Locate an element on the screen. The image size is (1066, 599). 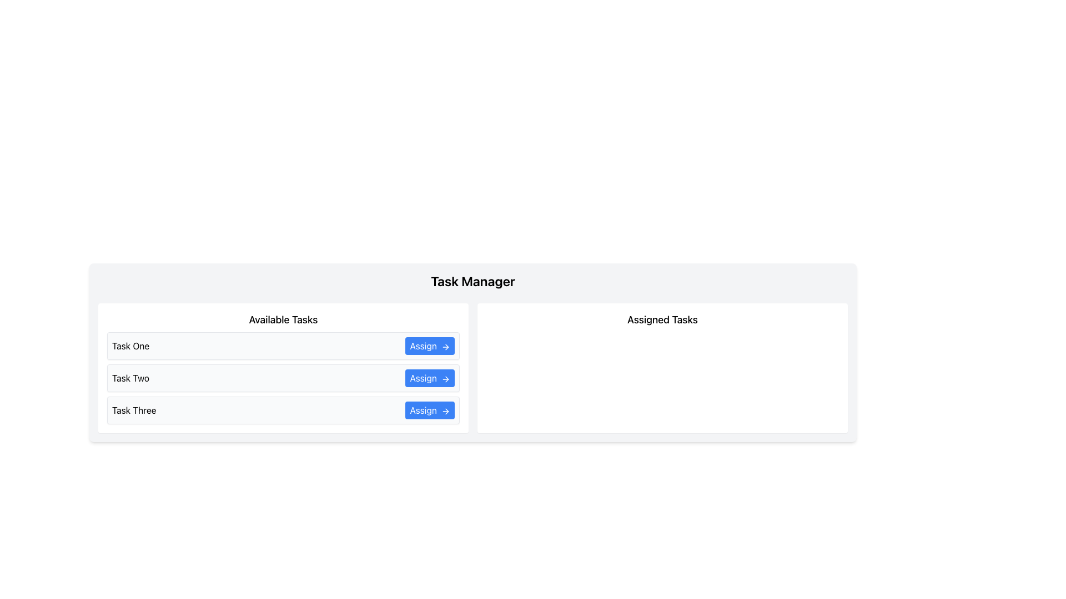
the button on the far right side of the row labeled 'Task Two' in the 'Available Tasks' section to assign the task is located at coordinates (429, 378).